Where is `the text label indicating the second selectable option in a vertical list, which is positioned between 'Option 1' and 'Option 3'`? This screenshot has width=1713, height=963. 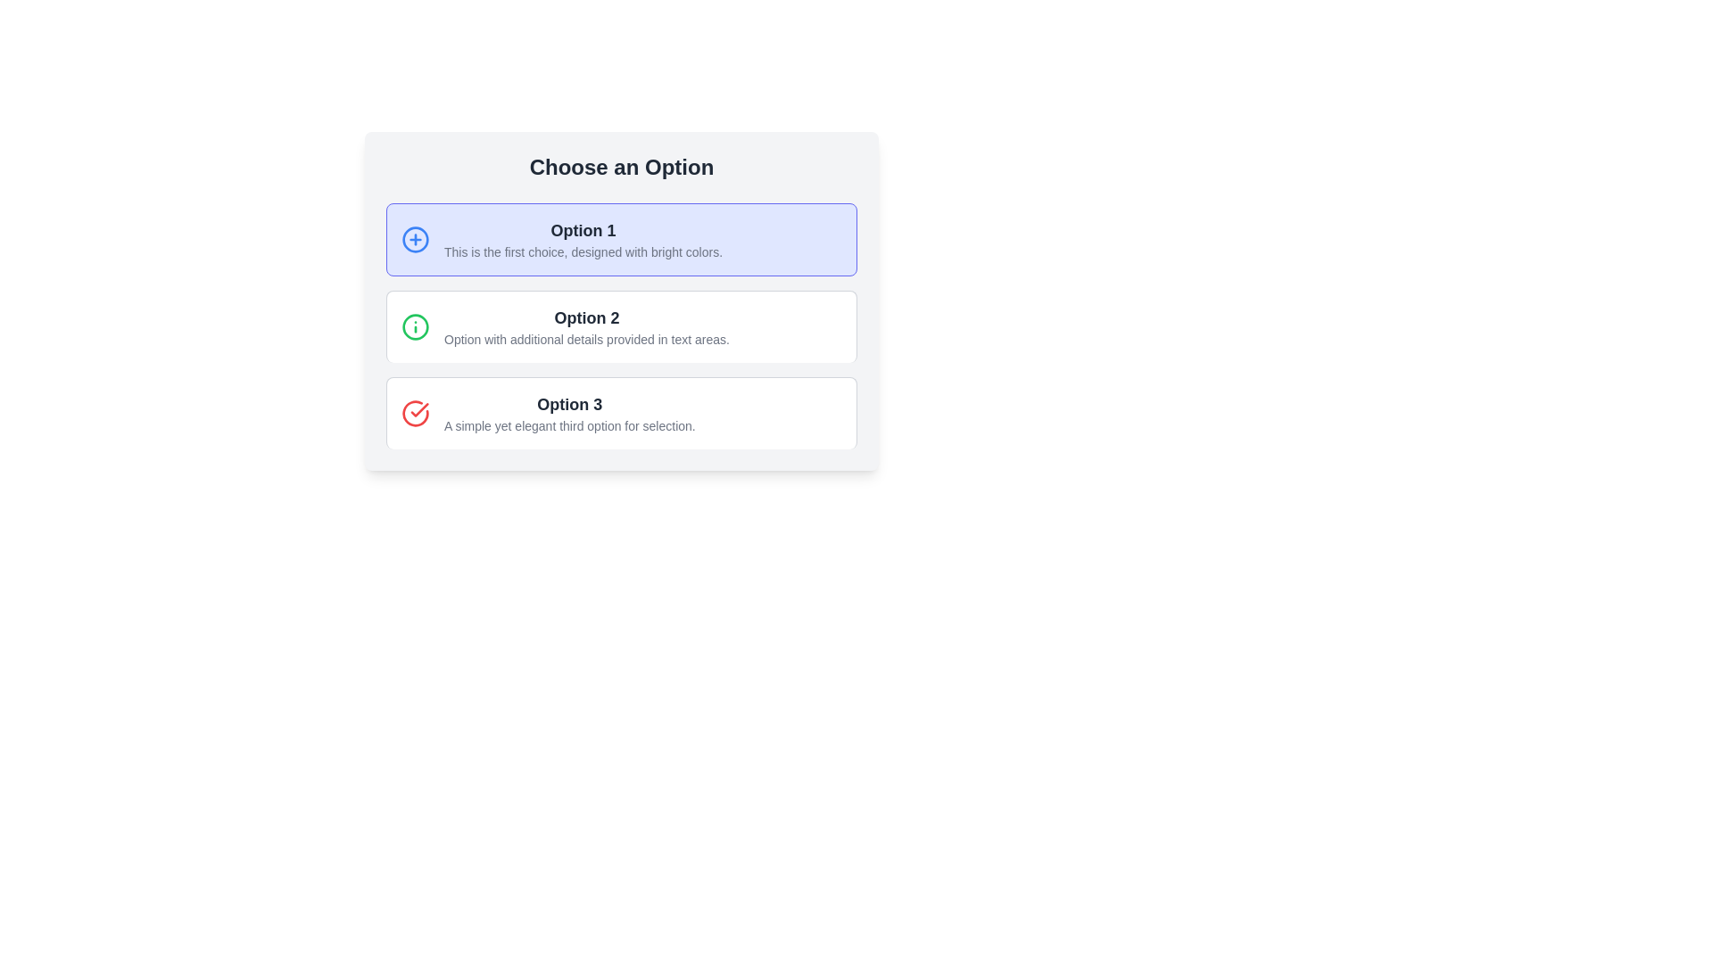 the text label indicating the second selectable option in a vertical list, which is positioned between 'Option 1' and 'Option 3' is located at coordinates (586, 326).